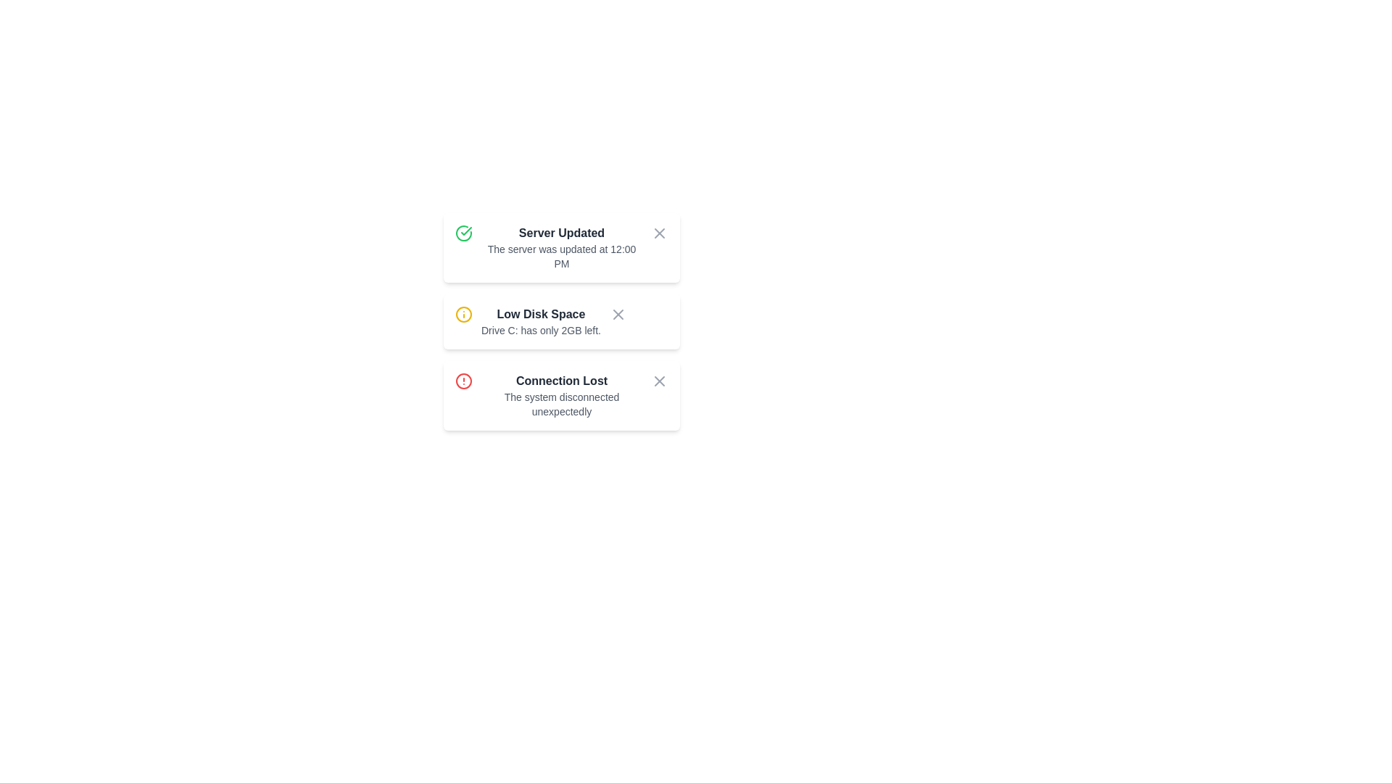 This screenshot has width=1392, height=783. I want to click on the warning notification titled 'Connection Lost' which contains the message 'The system disconnected unexpectedly.', so click(560, 396).